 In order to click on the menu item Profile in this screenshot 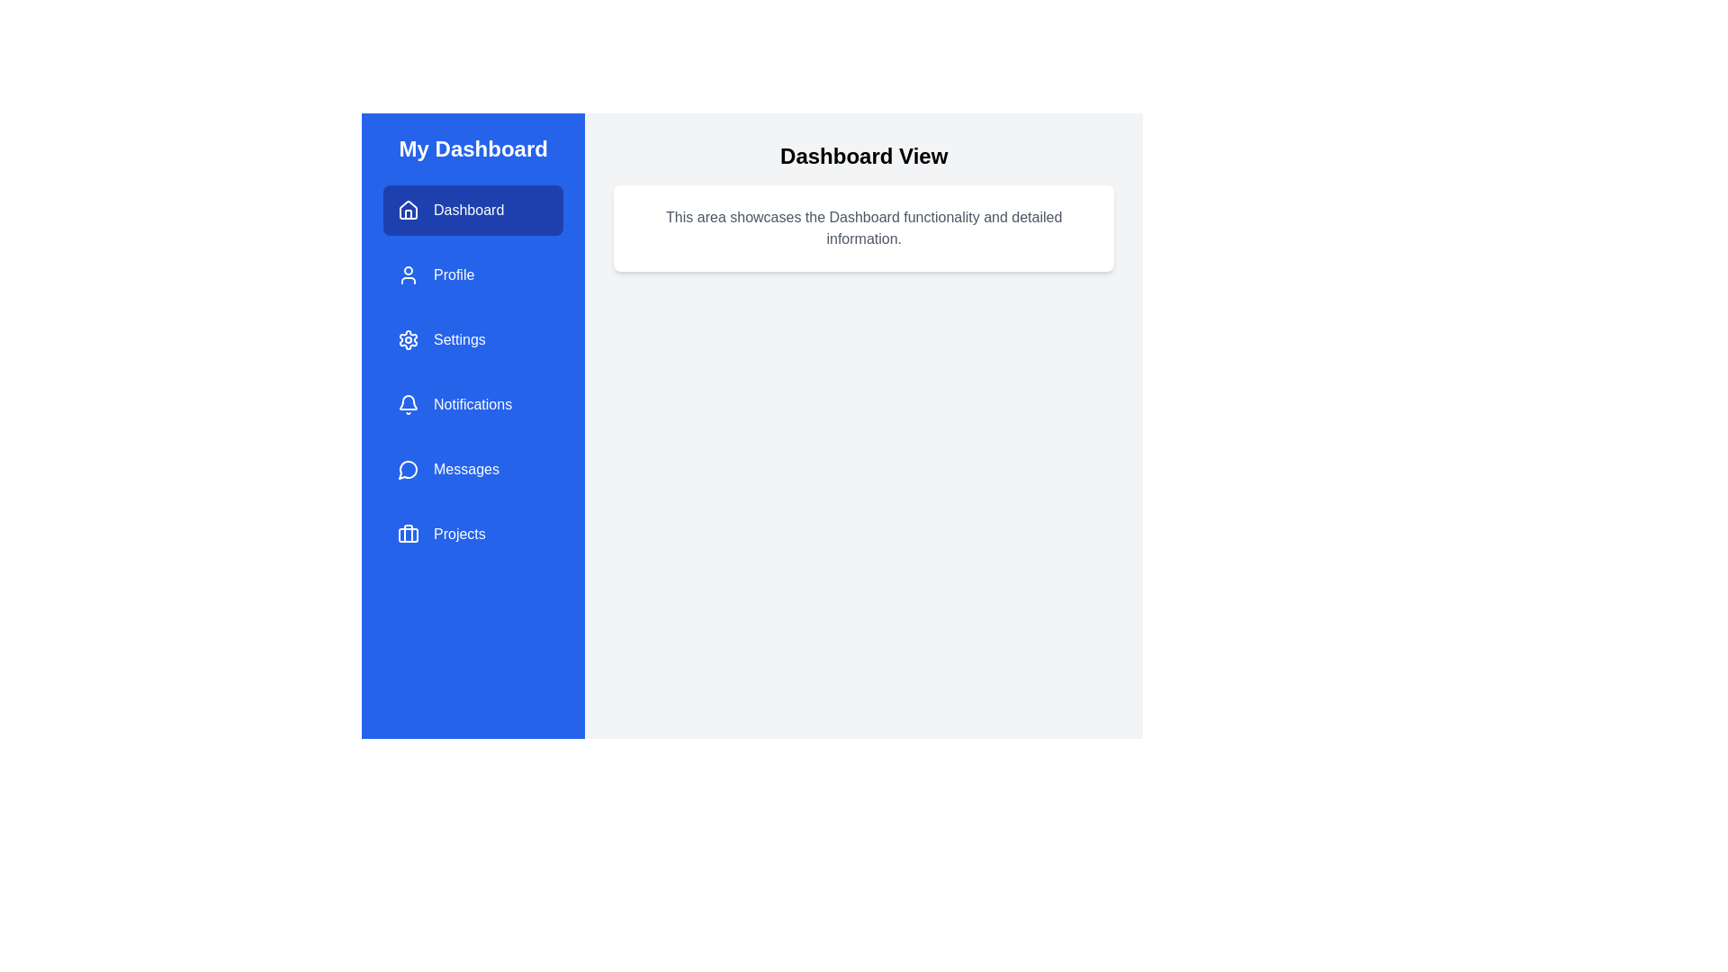, I will do `click(473, 274)`.